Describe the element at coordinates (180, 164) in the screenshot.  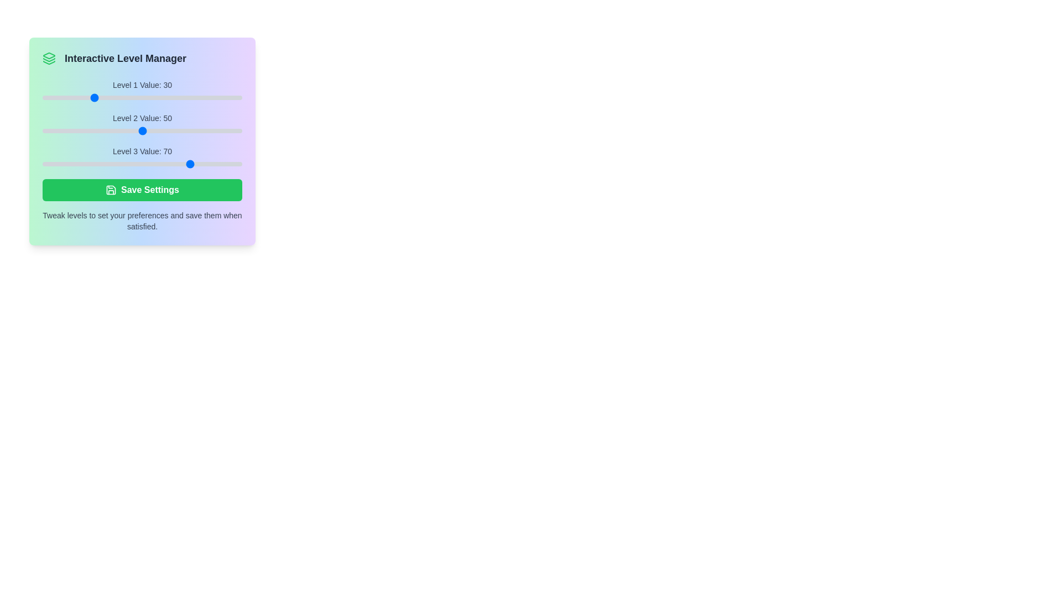
I see `the Level 3 Value slider` at that location.